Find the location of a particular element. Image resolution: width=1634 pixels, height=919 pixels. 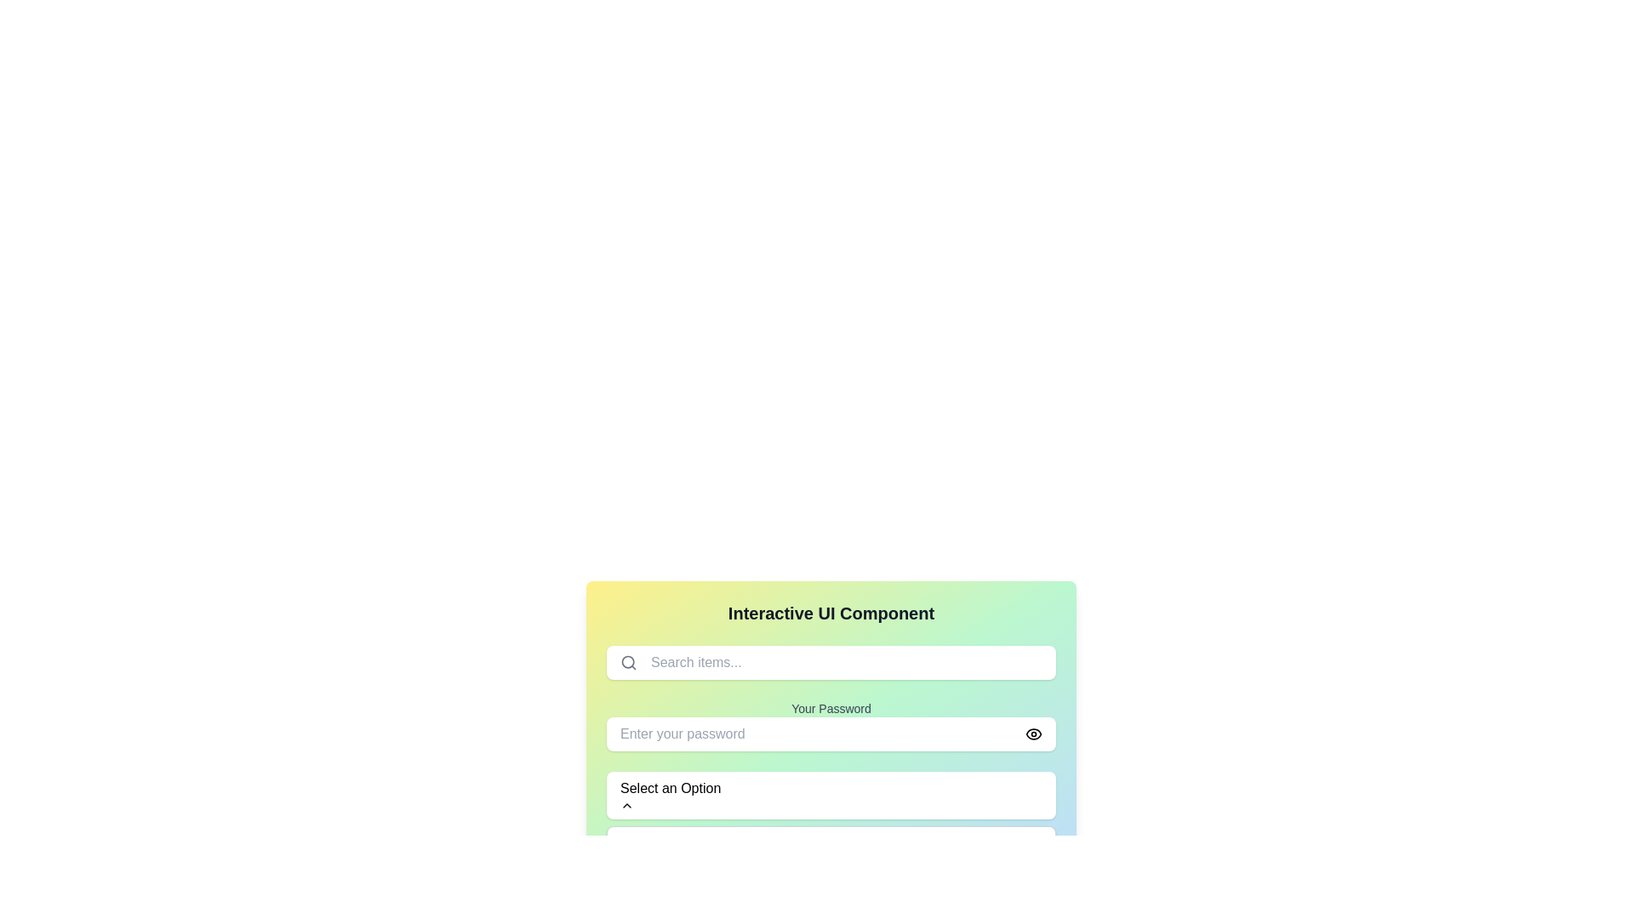

the 'Clear' button located at the bottom right corner of the card-like interface is located at coordinates (831, 856).